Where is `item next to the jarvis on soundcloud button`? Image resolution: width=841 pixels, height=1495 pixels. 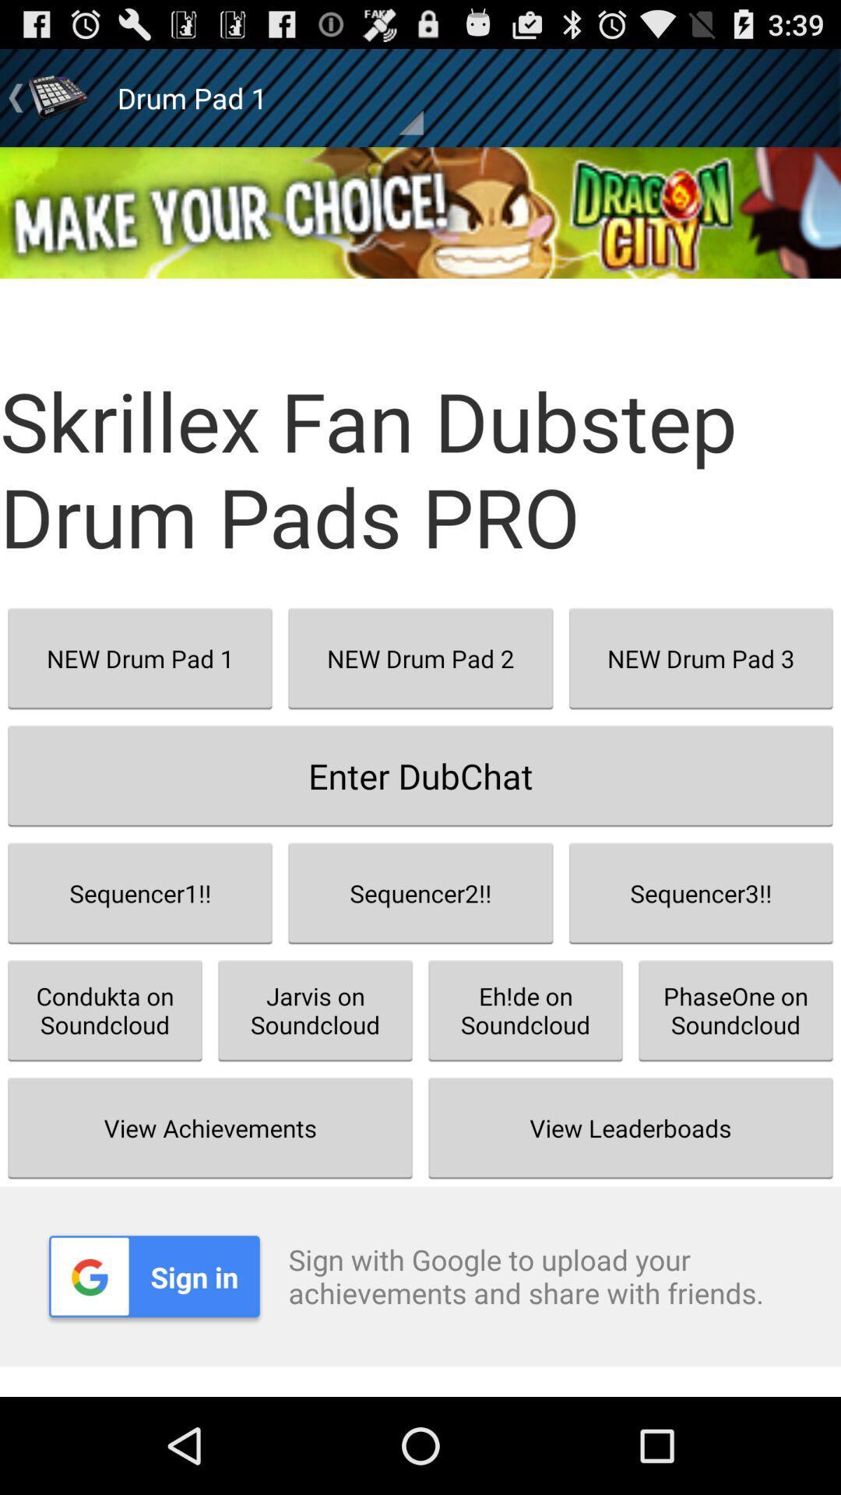 item next to the jarvis on soundcloud button is located at coordinates (526, 1010).